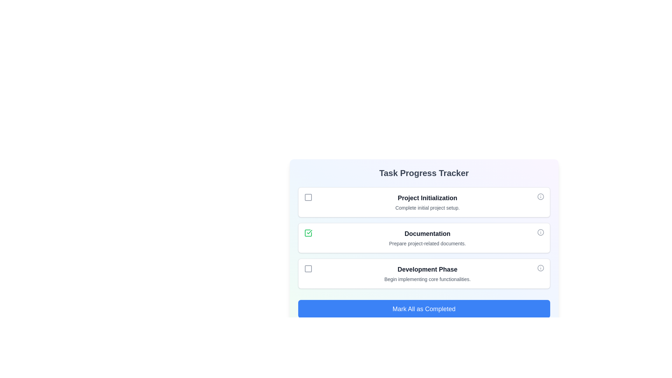  I want to click on the green checkmark icon within the SVG graphic, located in the lower-right section next to the 'Documentation' task title, so click(309, 232).